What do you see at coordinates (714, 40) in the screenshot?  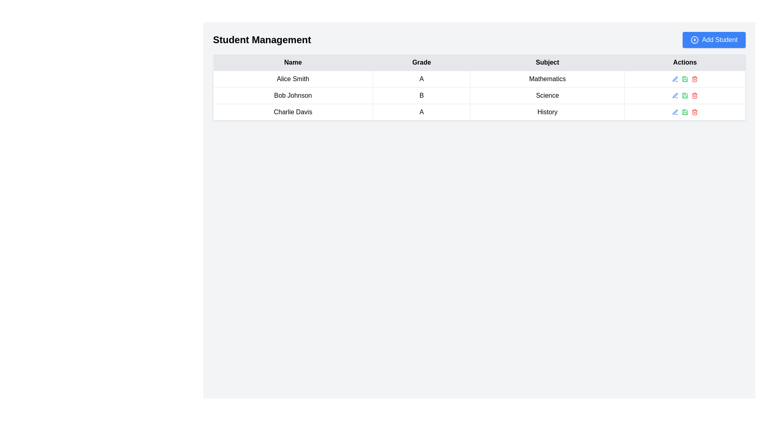 I see `the 'Add Student' button located in the top-right corner of the header section titled 'Student Management'` at bounding box center [714, 40].